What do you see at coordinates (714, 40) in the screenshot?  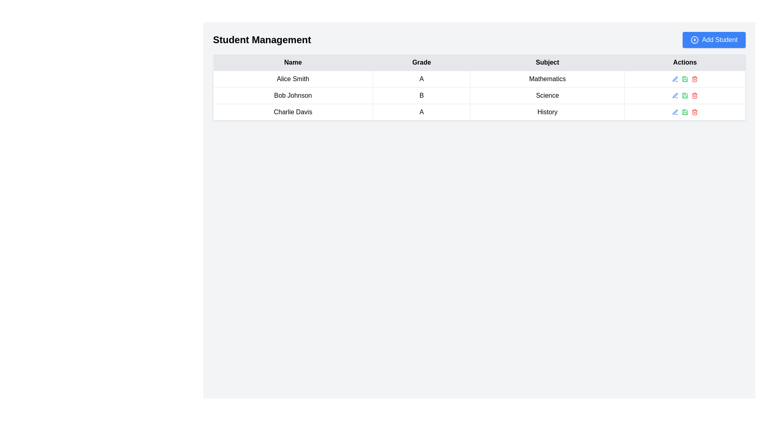 I see `the 'Add Student' button located in the top-right corner of the header section titled 'Student Management'` at bounding box center [714, 40].